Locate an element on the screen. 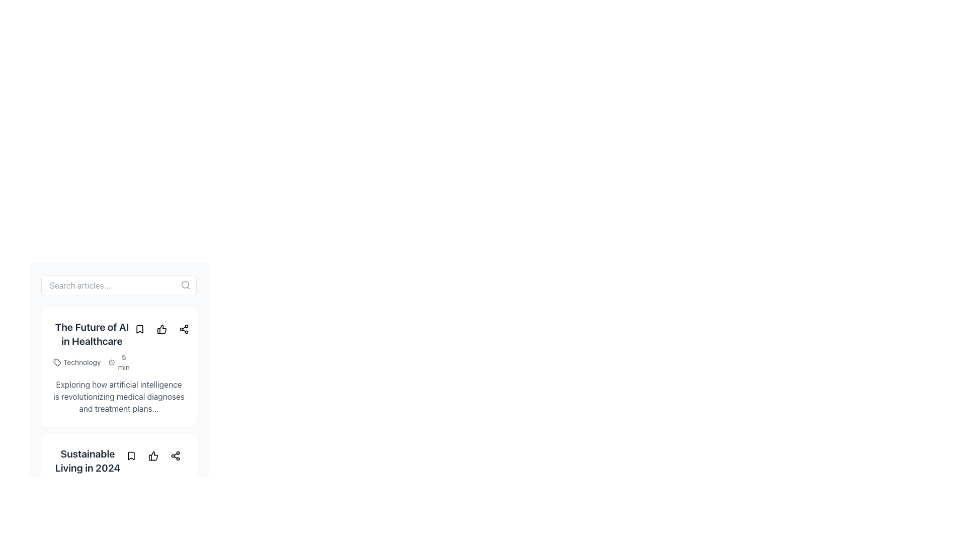 The height and width of the screenshot is (543, 966). the 'like' or 'thumbs-up' icon located at the bottom-right of the content card is located at coordinates (162, 329).